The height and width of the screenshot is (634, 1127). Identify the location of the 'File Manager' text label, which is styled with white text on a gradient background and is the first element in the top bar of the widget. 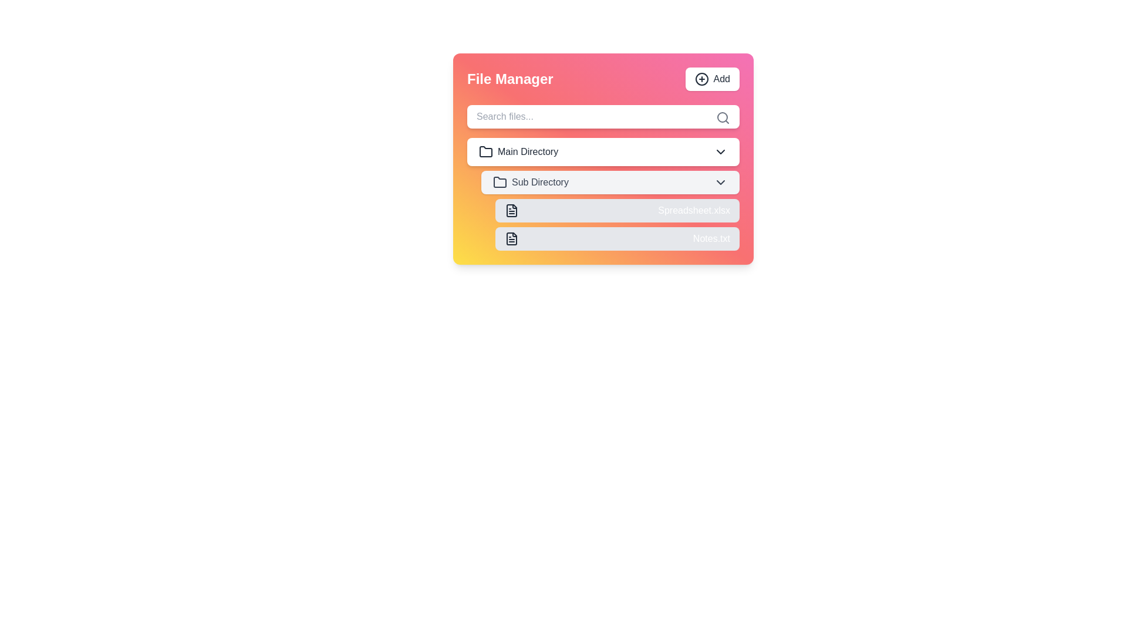
(510, 79).